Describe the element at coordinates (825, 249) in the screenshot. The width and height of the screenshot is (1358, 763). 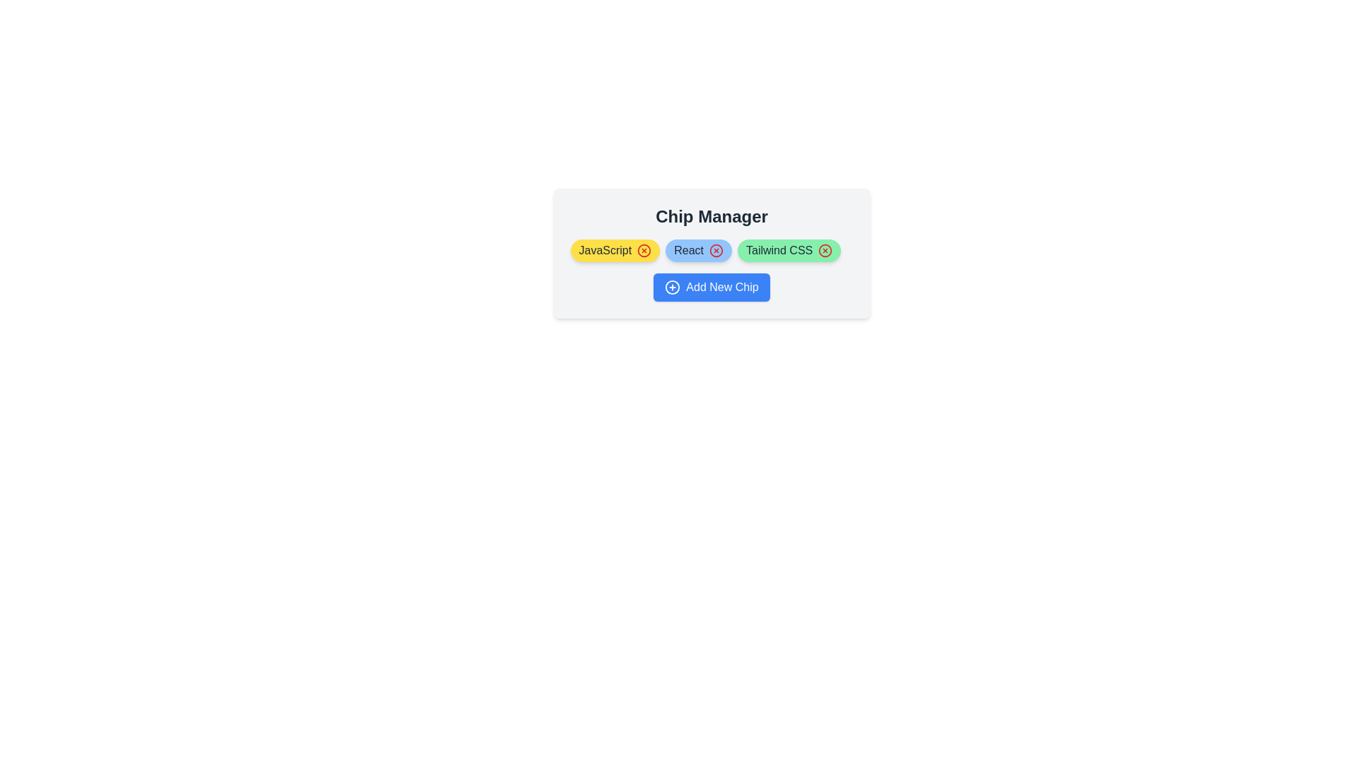
I see `close icon of the chip labeled Tailwind CSS to remove it` at that location.